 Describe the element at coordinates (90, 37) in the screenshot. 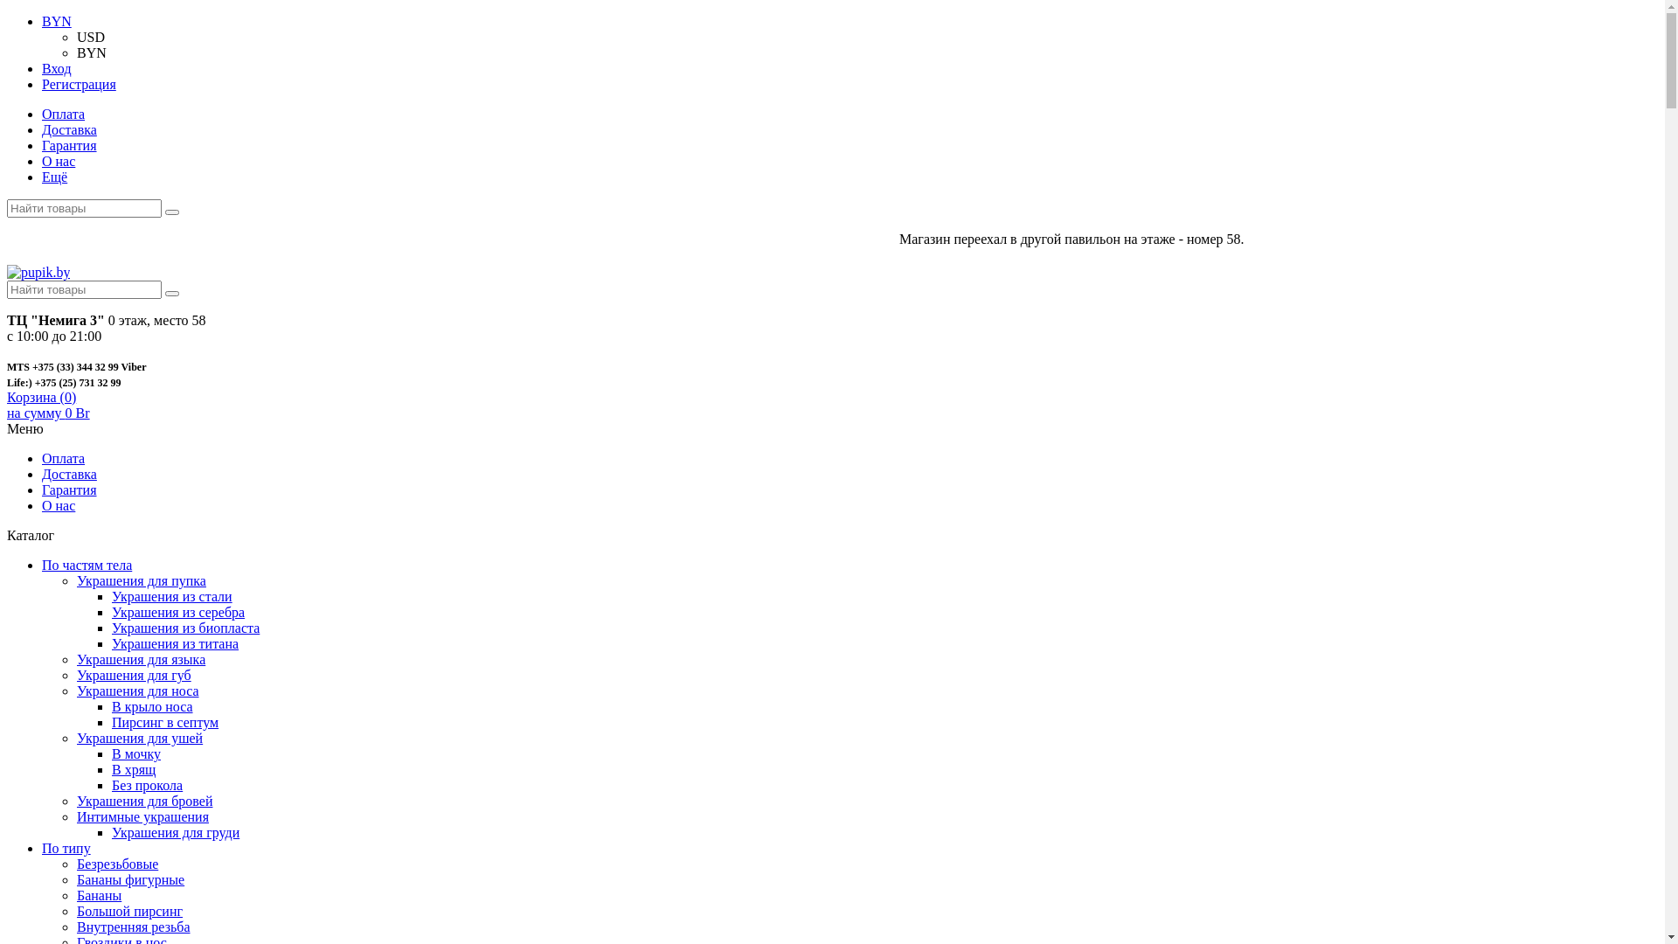

I see `'USD'` at that location.